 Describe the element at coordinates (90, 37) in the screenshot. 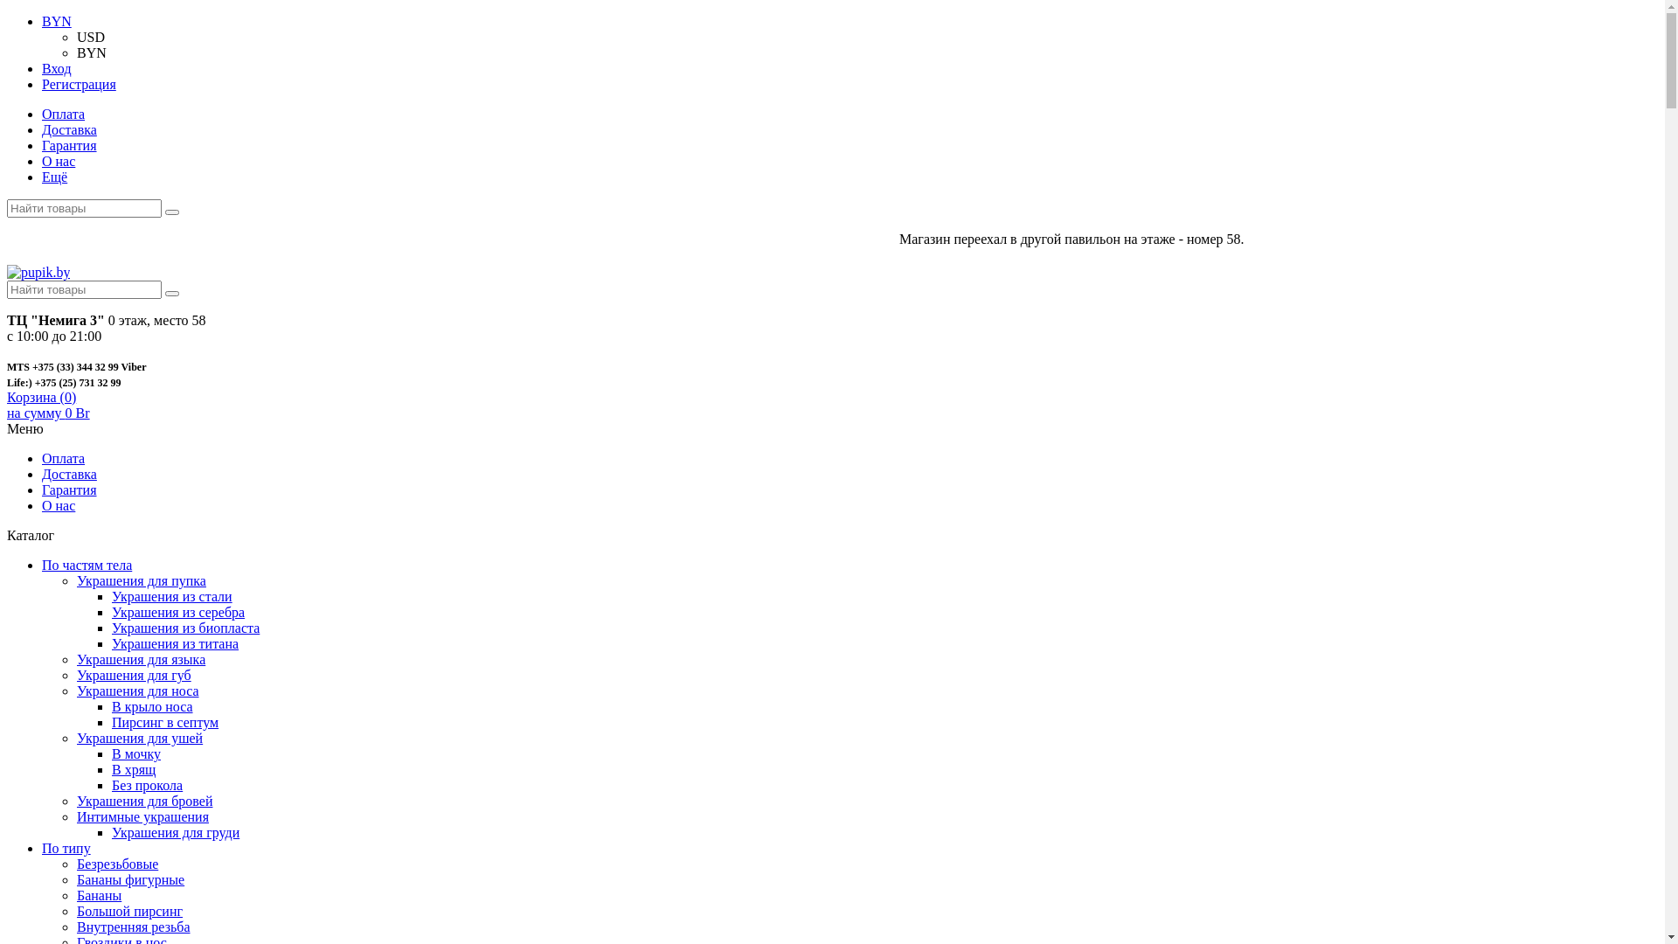

I see `'USD'` at that location.